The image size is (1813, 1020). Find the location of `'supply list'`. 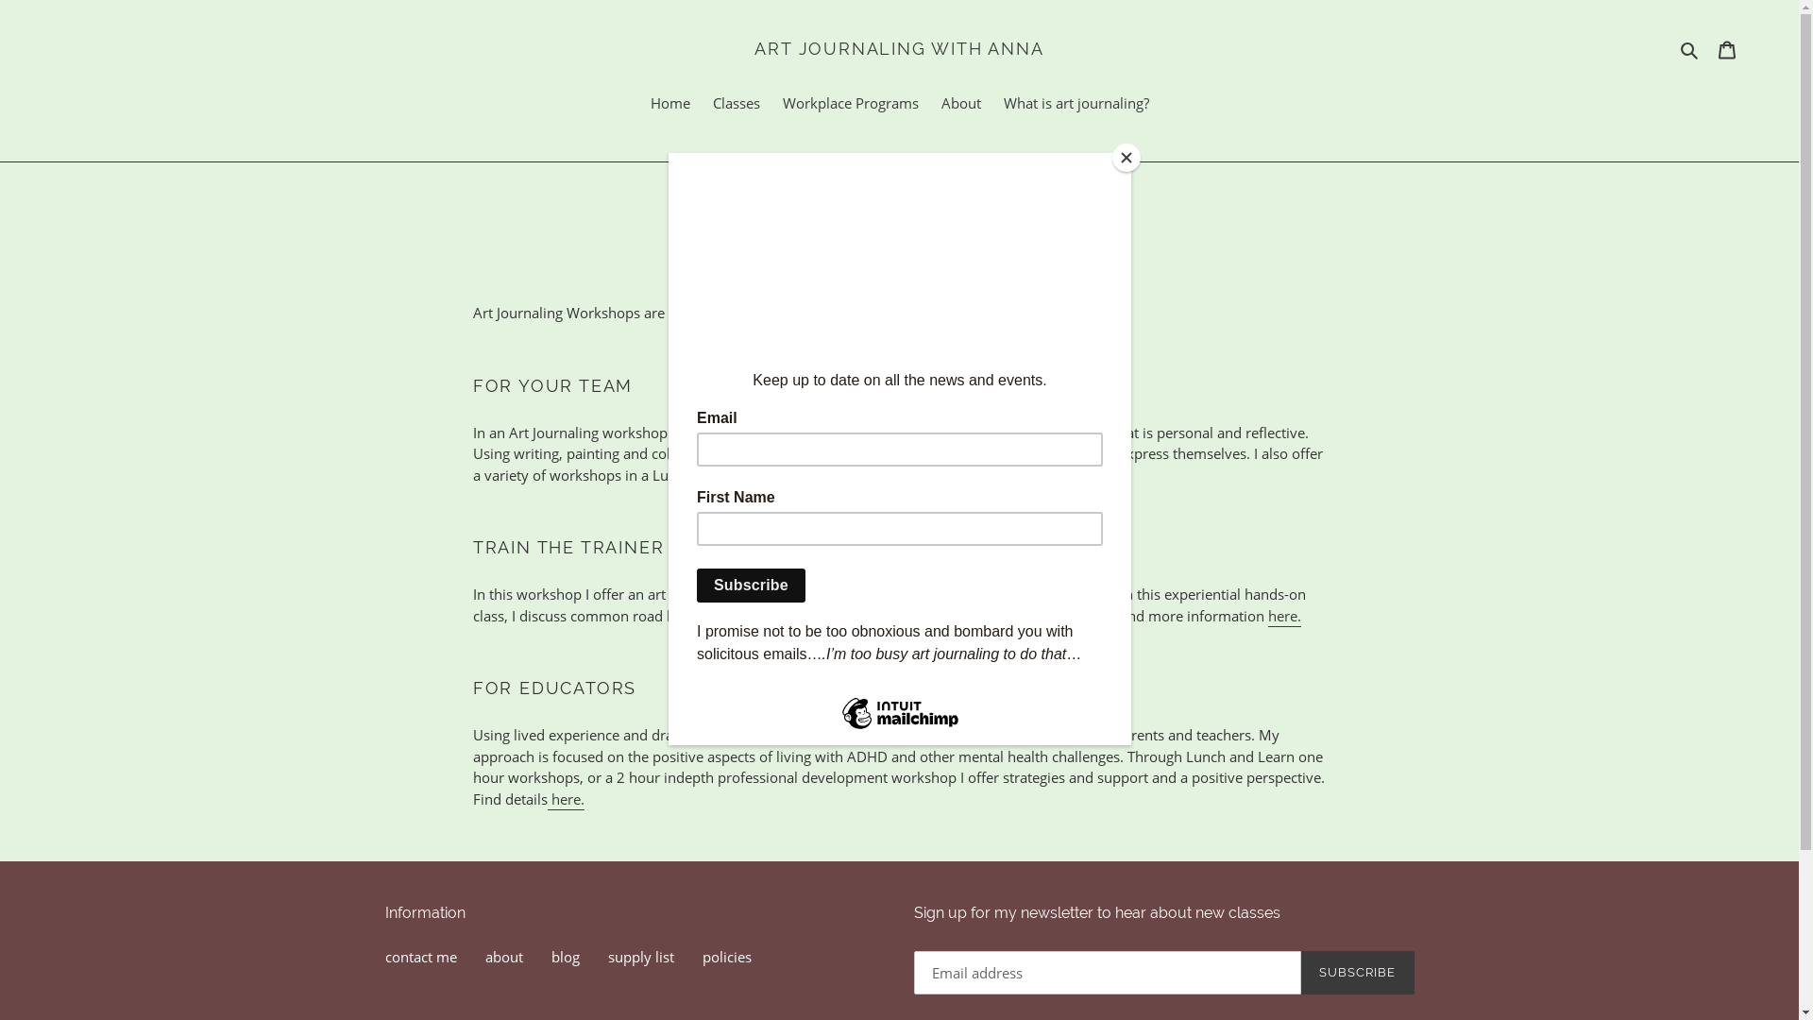

'supply list' is located at coordinates (607, 957).